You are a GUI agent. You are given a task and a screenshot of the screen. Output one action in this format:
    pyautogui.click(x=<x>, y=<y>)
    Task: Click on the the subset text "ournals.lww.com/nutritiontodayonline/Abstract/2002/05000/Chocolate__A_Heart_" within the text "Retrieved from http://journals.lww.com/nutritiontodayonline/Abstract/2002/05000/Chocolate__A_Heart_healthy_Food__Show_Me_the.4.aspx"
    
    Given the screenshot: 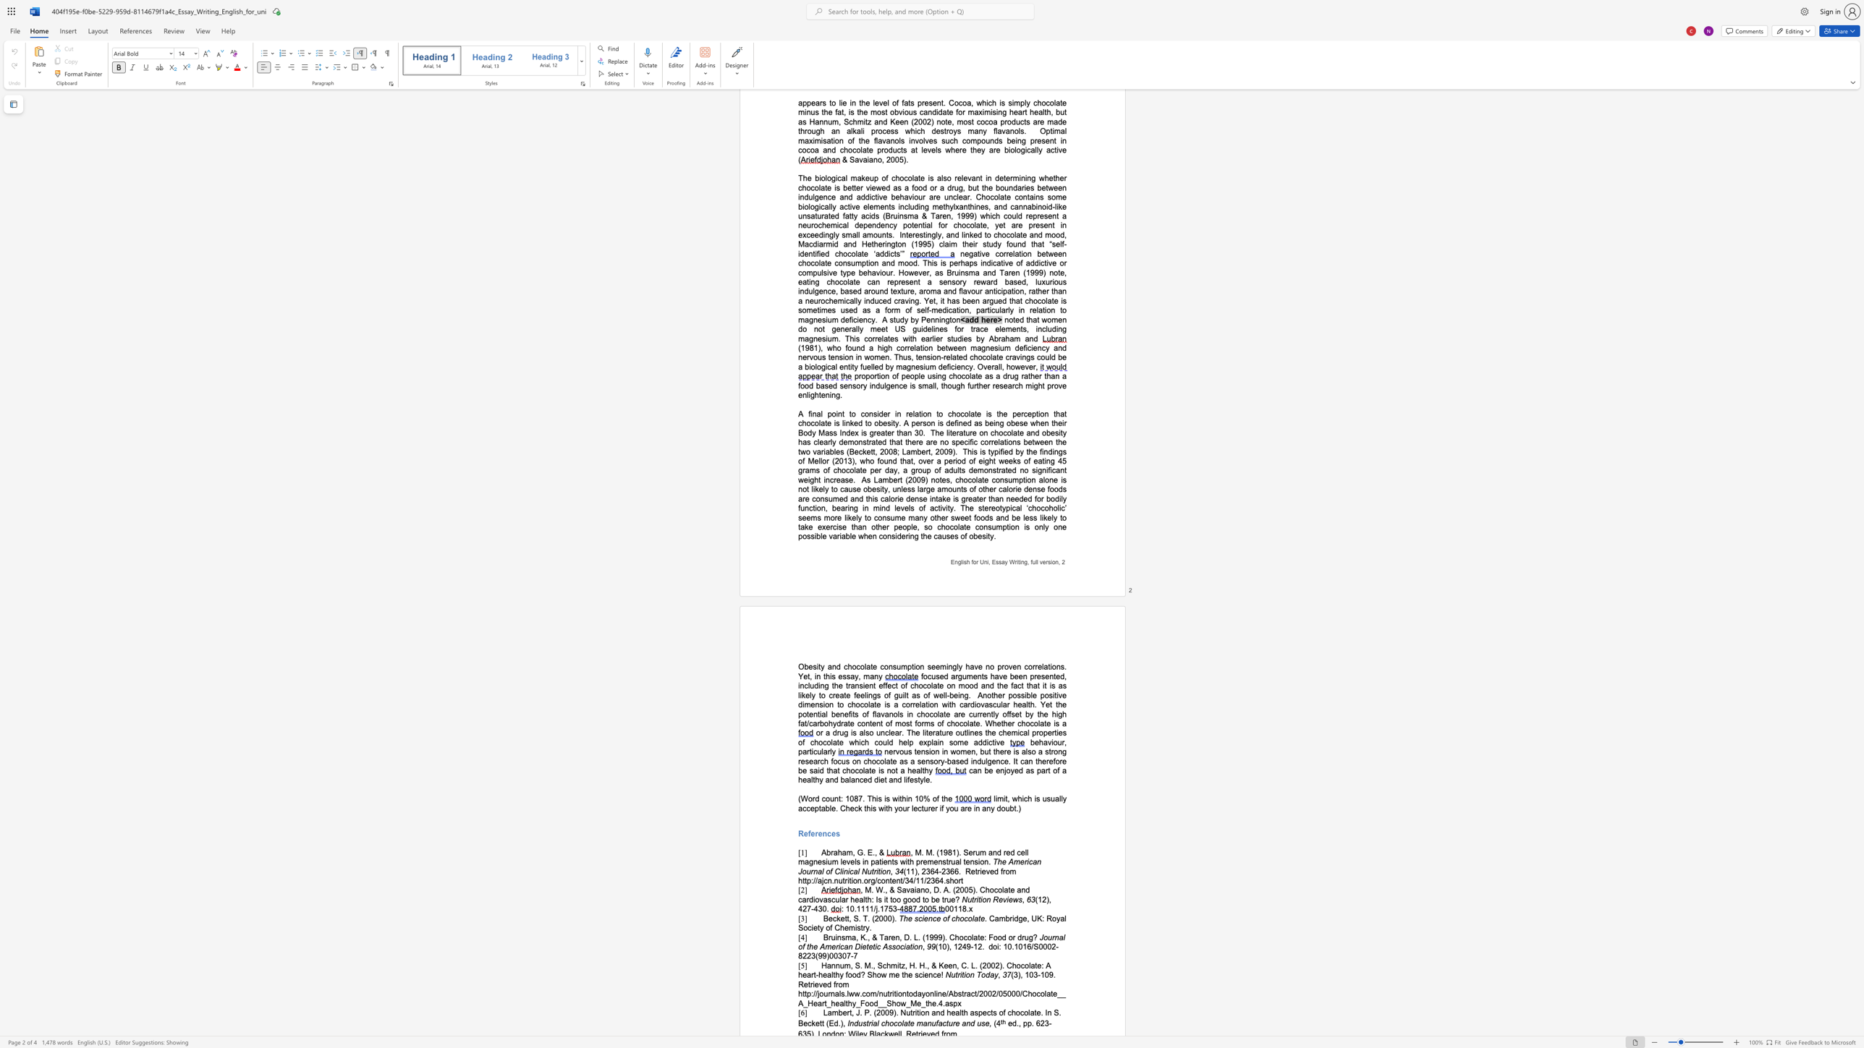 What is the action you would take?
    pyautogui.click(x=819, y=993)
    